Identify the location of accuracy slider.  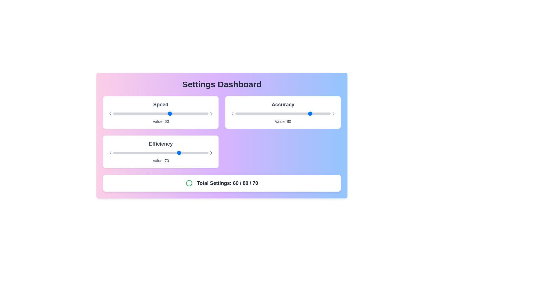
(323, 114).